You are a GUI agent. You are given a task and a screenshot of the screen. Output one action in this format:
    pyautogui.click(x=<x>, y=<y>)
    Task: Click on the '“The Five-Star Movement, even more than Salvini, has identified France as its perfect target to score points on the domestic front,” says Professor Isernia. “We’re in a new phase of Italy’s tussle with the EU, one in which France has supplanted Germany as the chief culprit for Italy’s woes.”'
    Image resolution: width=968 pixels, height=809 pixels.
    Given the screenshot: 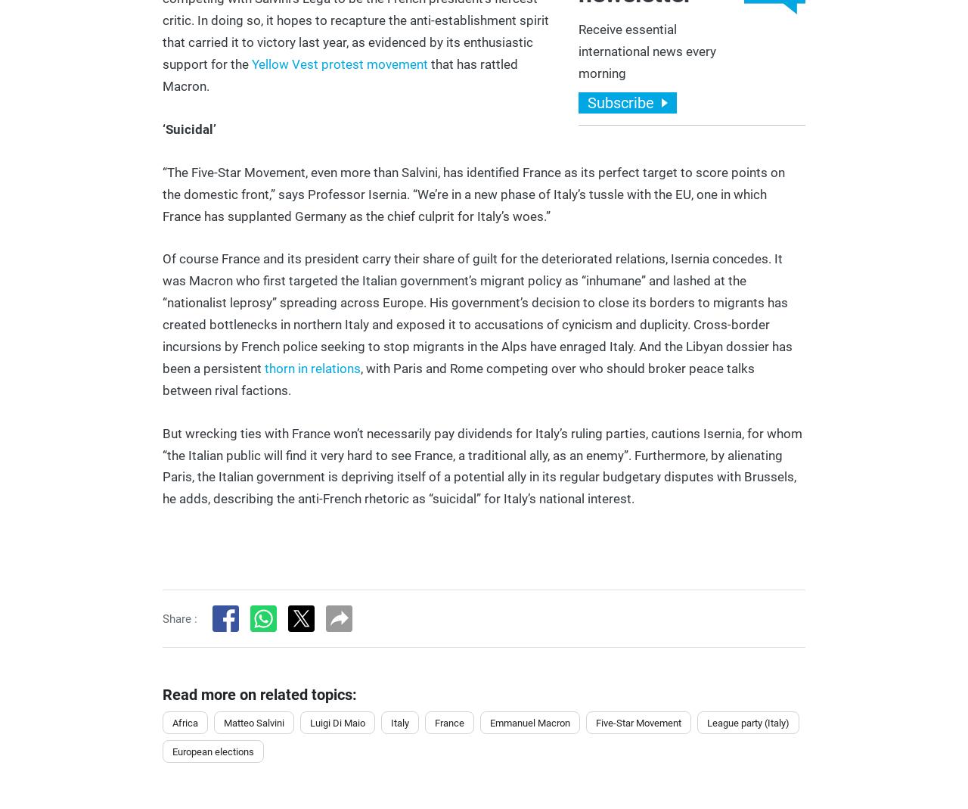 What is the action you would take?
    pyautogui.click(x=473, y=193)
    